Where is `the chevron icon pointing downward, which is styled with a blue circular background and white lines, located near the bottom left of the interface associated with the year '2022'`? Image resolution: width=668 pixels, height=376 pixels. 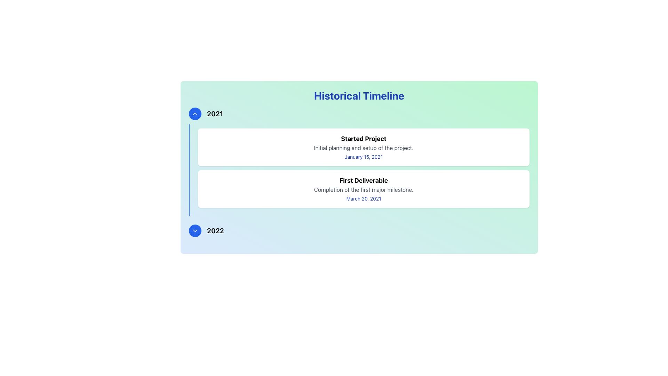 the chevron icon pointing downward, which is styled with a blue circular background and white lines, located near the bottom left of the interface associated with the year '2022' is located at coordinates (195, 231).